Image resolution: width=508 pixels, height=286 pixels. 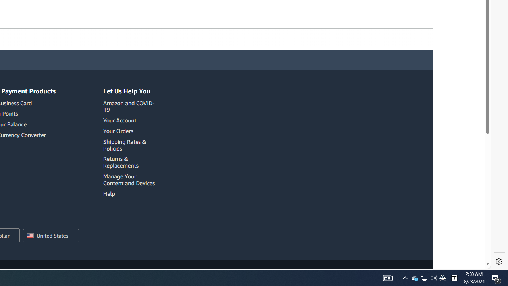 What do you see at coordinates (130, 131) in the screenshot?
I see `'Your Orders'` at bounding box center [130, 131].